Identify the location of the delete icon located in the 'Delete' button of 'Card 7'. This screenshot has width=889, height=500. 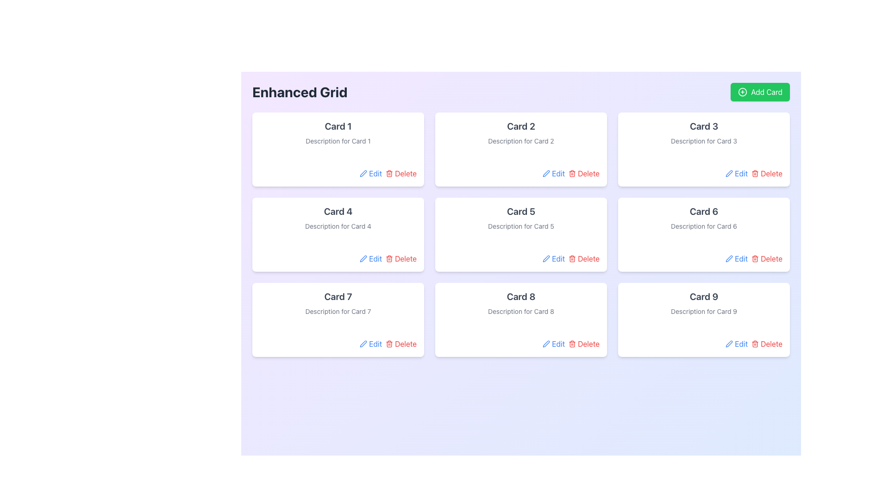
(389, 344).